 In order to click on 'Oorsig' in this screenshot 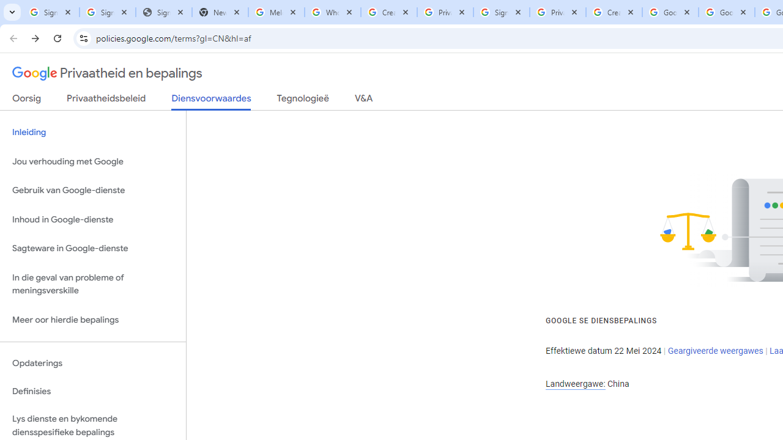, I will do `click(27, 100)`.